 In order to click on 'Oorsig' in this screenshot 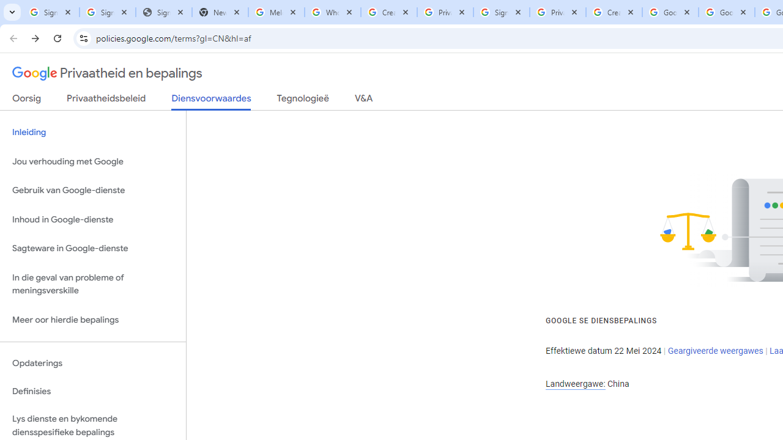, I will do `click(27, 100)`.